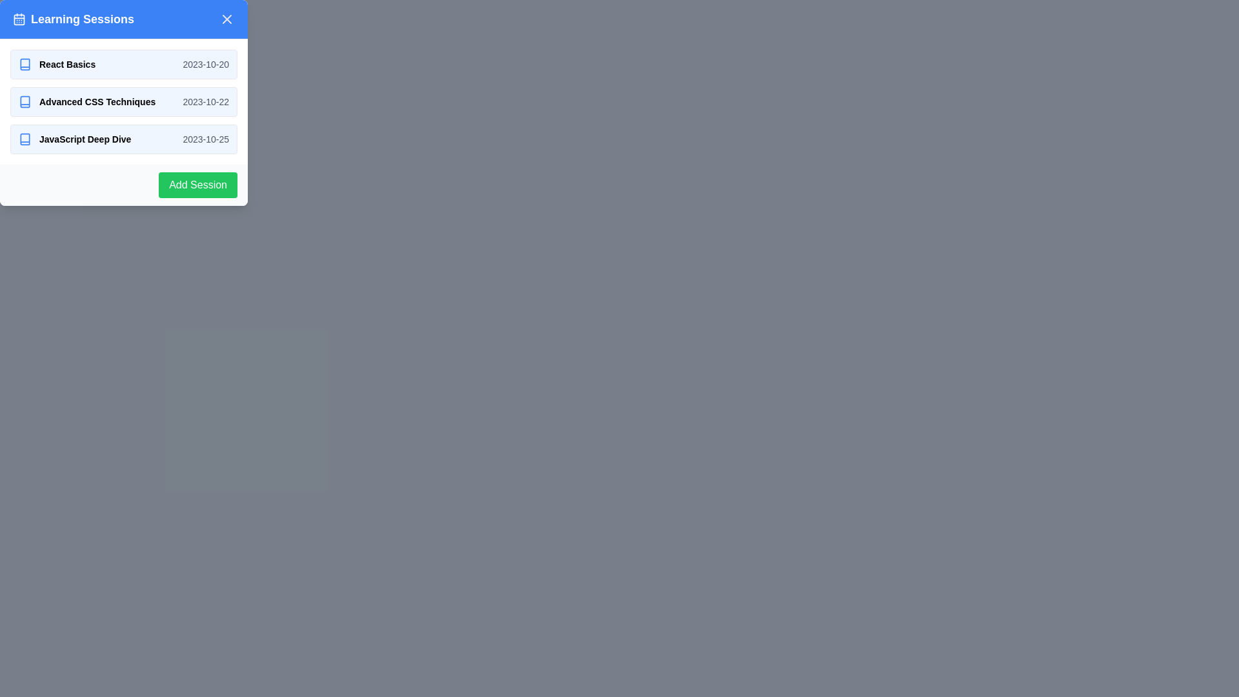 The width and height of the screenshot is (1239, 697). What do you see at coordinates (86, 101) in the screenshot?
I see `the second row in the 'Learning Sessions' panel, which represents the item with the book icon and the text 'Advanced CSS Techniques'` at bounding box center [86, 101].